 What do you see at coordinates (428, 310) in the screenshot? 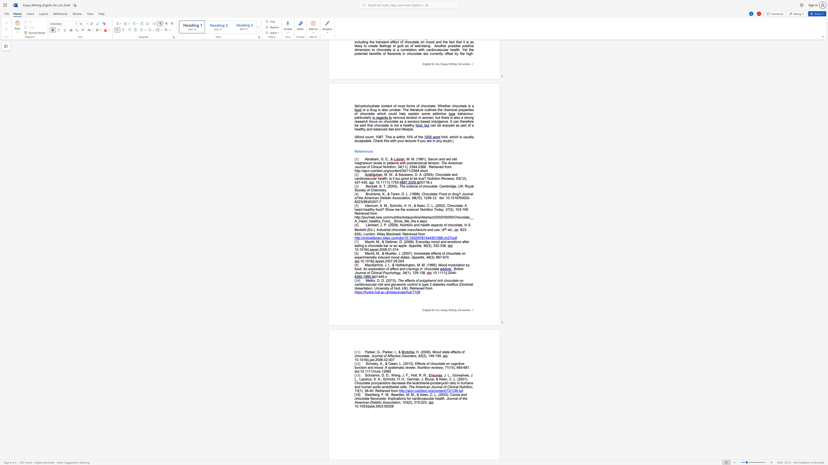
I see `the subset text "ish for Uni, Essay Writing" within the text "English for Uni, Essay Writing, full version,"` at bounding box center [428, 310].